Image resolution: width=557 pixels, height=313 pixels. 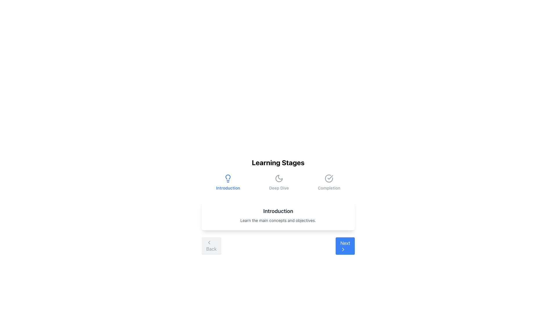 I want to click on the 'Deep Dive' text element which has a gray circular crescent moon icon above it, positioned in the middle of a horizontal set of three icons, so click(x=279, y=182).